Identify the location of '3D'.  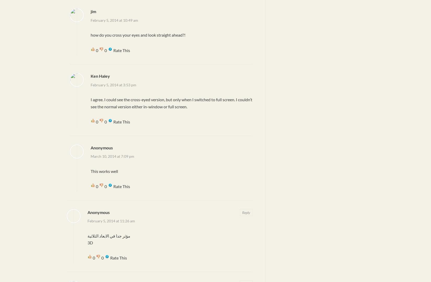
(87, 242).